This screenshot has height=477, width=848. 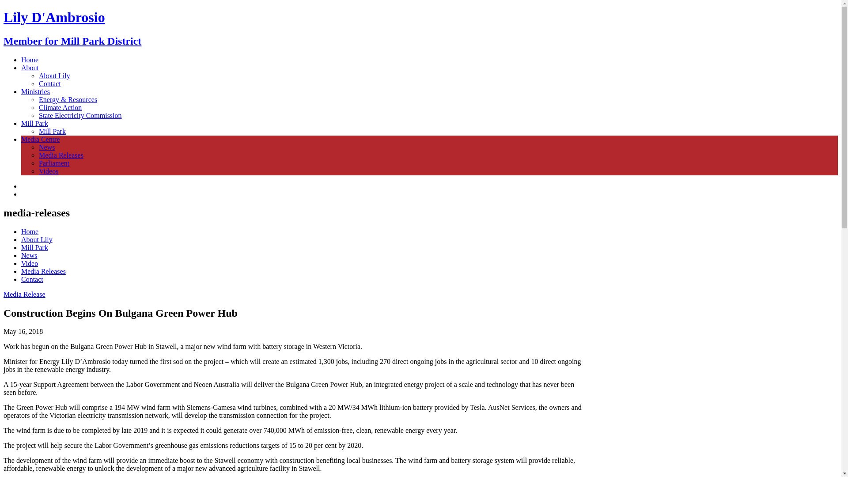 I want to click on 'Videos', so click(x=48, y=171).